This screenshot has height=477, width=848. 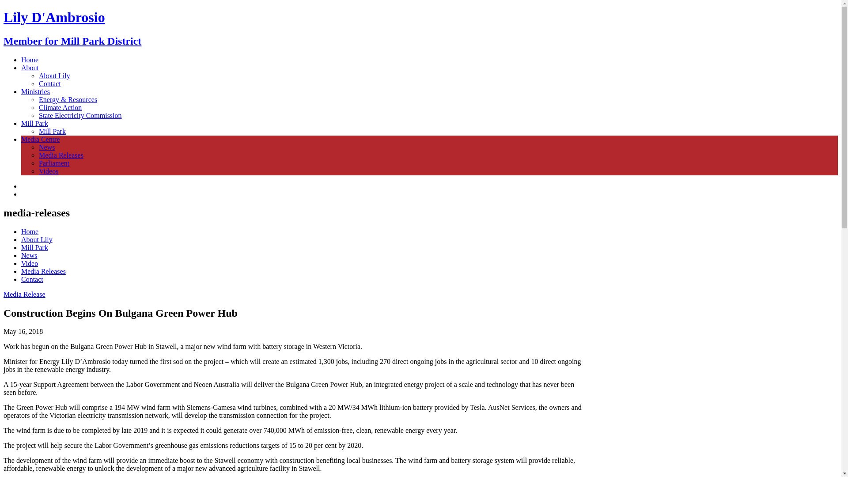 I want to click on 'Videos', so click(x=48, y=171).